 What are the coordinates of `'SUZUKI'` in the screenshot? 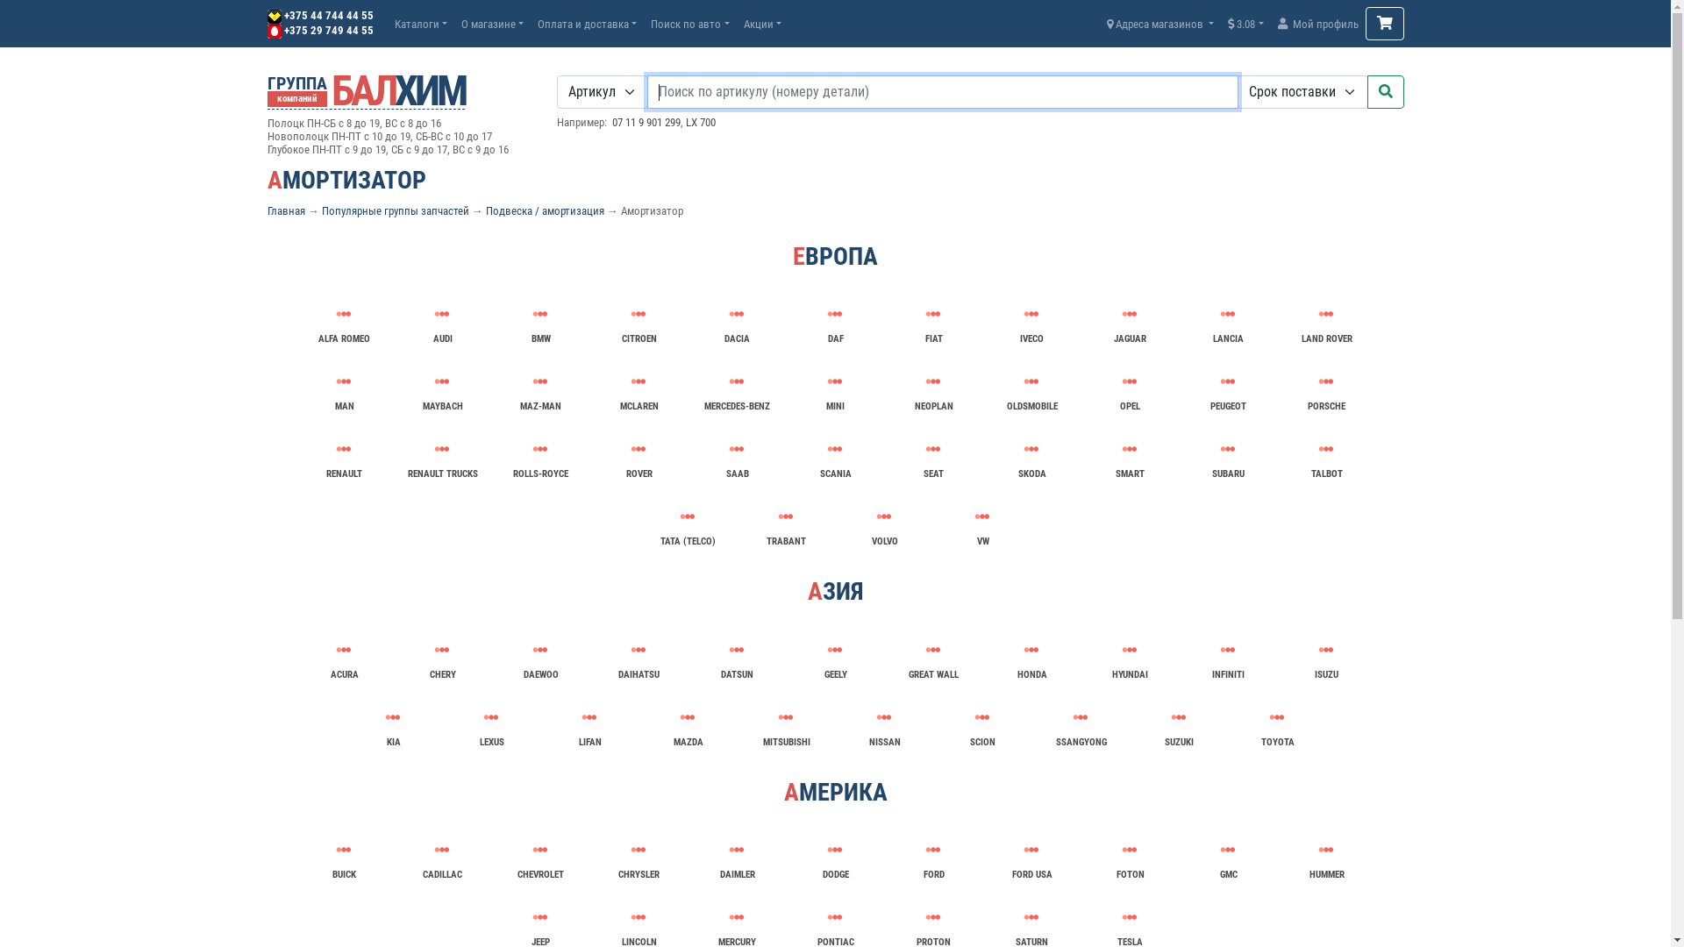 It's located at (1179, 723).